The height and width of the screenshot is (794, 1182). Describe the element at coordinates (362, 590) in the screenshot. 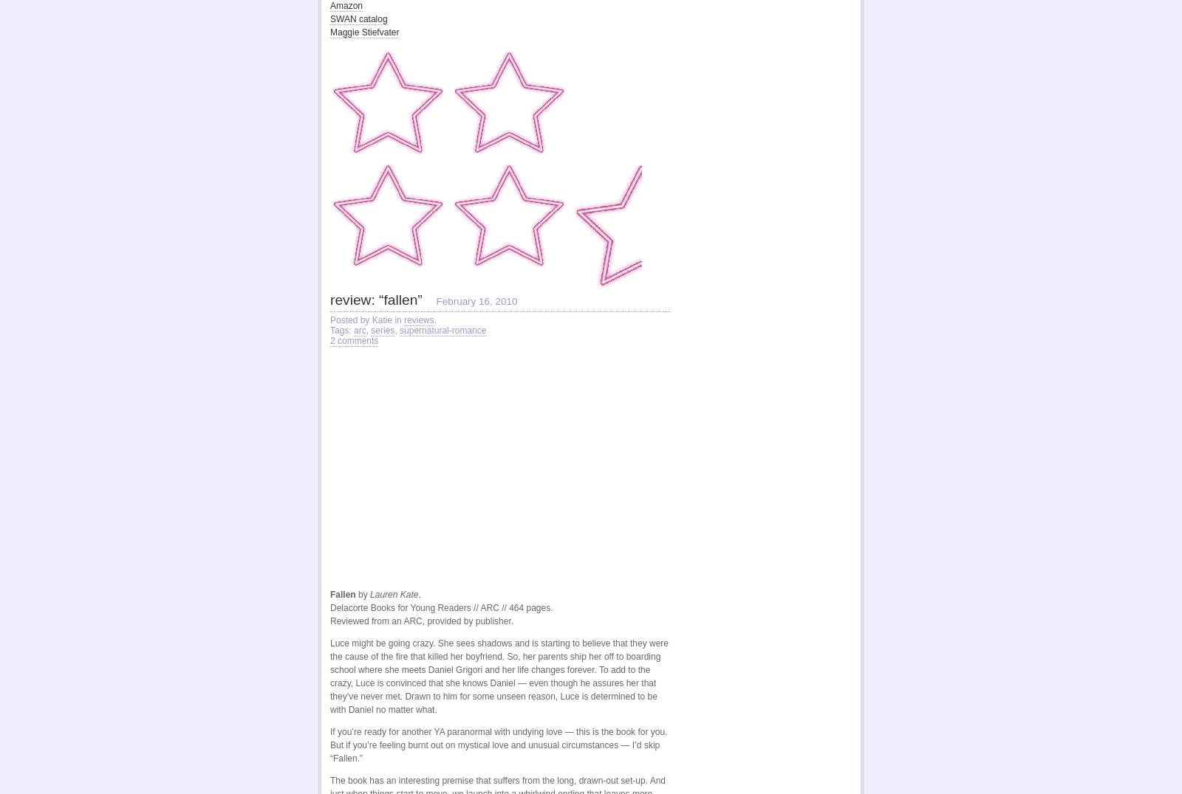

I see `'by'` at that location.